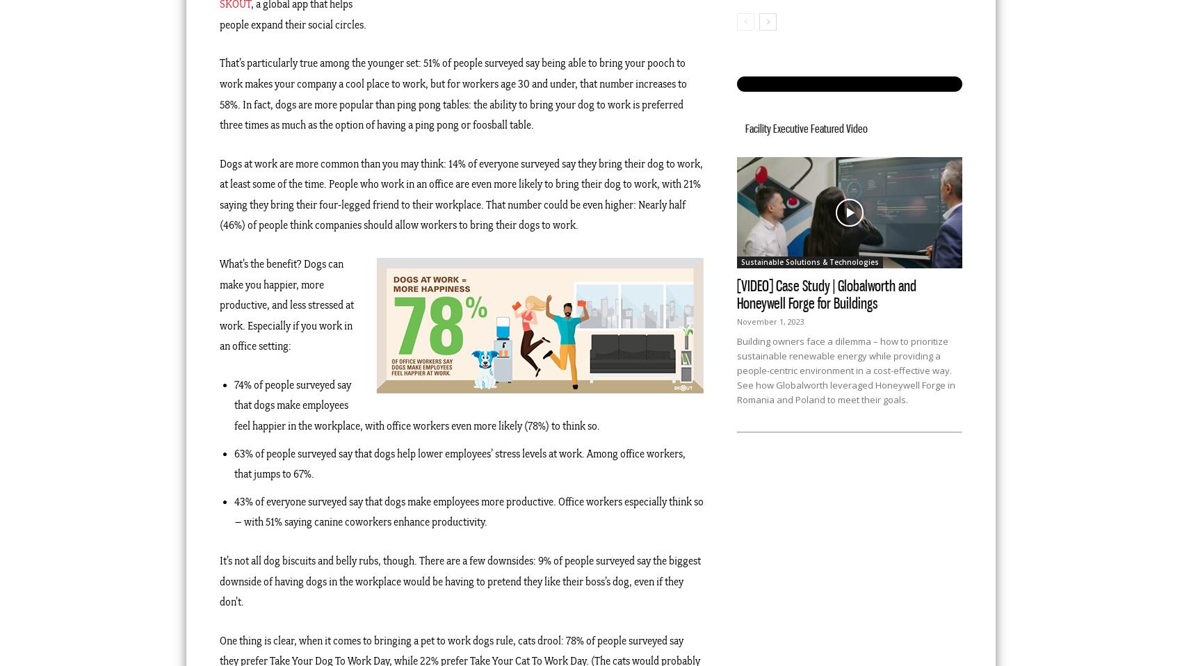  I want to click on 'That’s particularly true among the younger set: 51% of people surveyed say being able to bring your pooch to work makes your company a cool place to work, but for workers age 30 and under, that number increases to 58%. In fact, dogs are more popular than ping pong tables: the ability to bring your dog to work is preferred three times as much as the option of having a ping pong or foosball table.', so click(453, 93).